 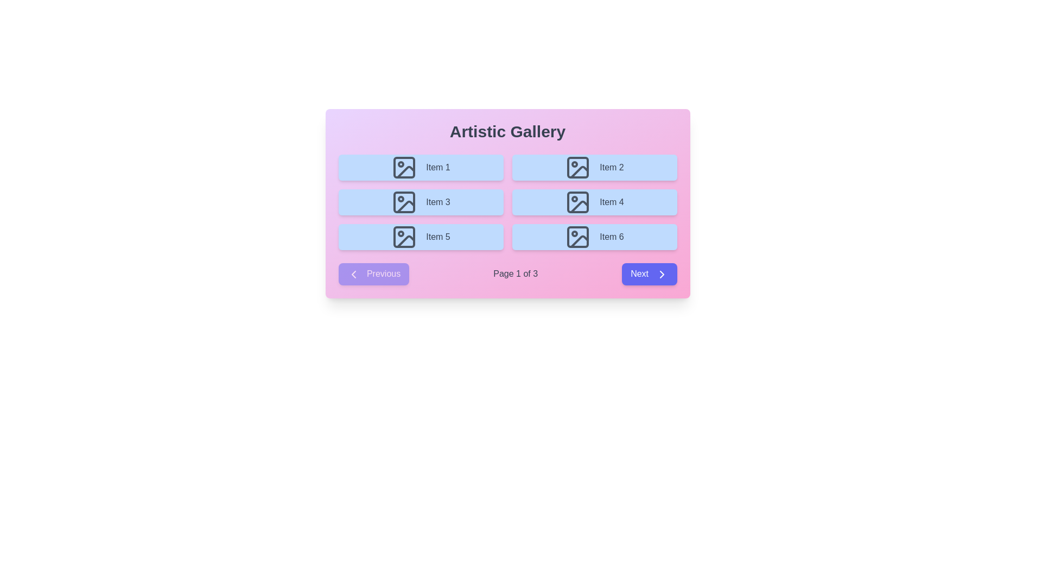 I want to click on the pagination text that indicates the current page number, situated centrally between the 'Previous' and 'Next' buttons, so click(x=515, y=273).